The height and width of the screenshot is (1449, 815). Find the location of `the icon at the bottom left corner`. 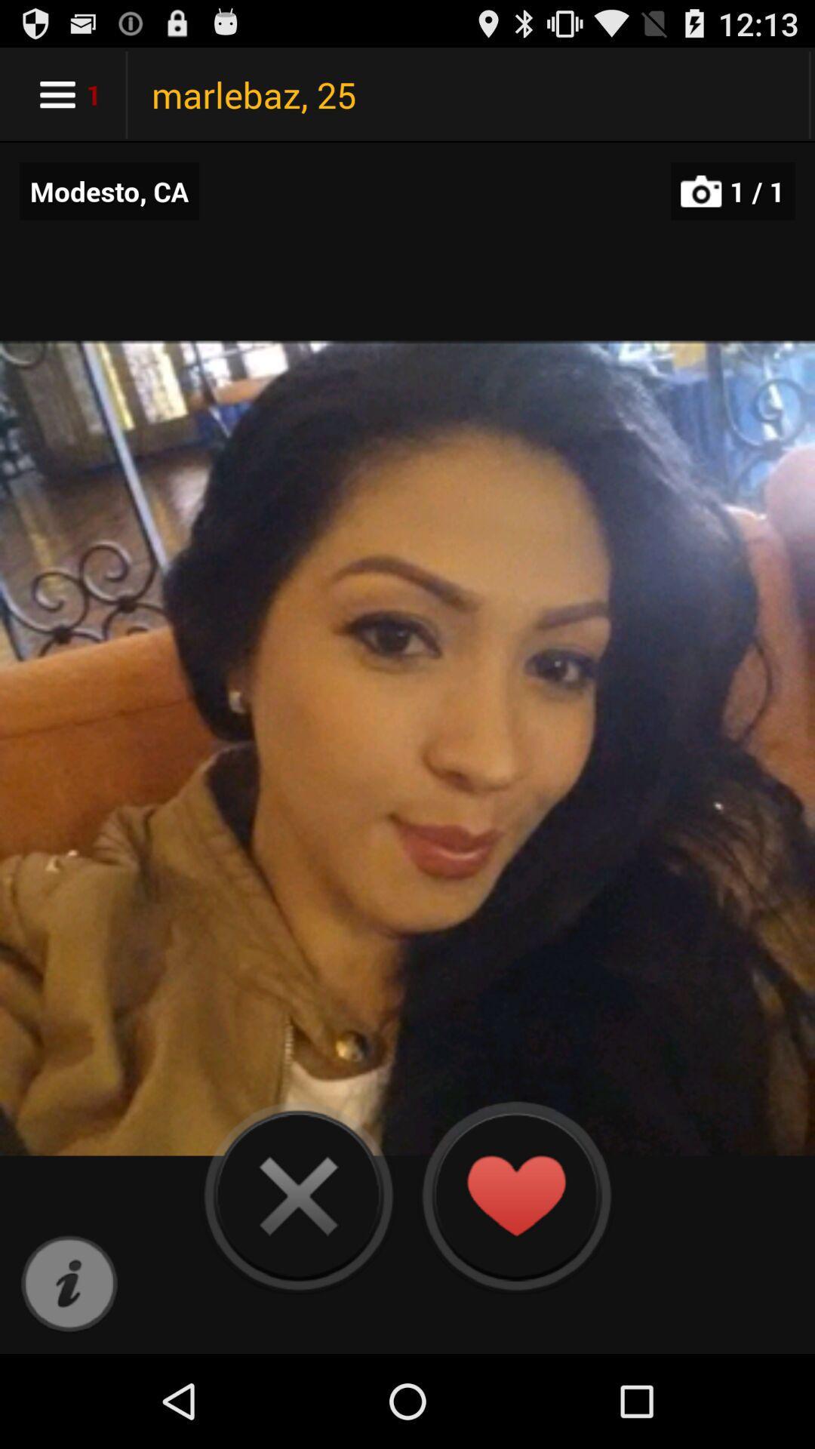

the icon at the bottom left corner is located at coordinates (69, 1284).